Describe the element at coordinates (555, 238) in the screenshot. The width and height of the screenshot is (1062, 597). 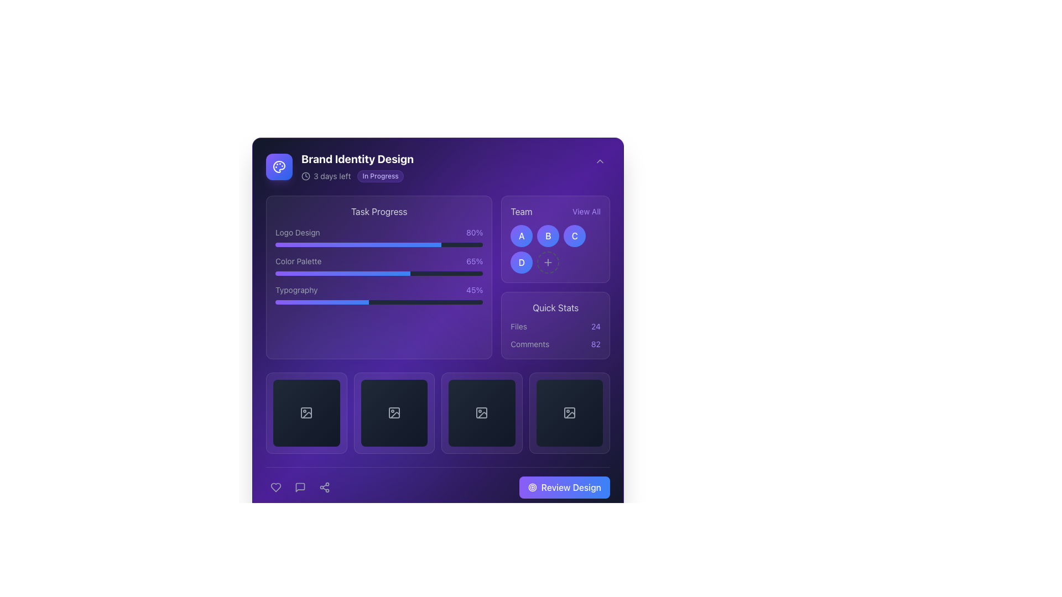
I see `the circular button labeled 'B' located under the 'Team' section, which is the second button in a grid of team member buttons` at that location.